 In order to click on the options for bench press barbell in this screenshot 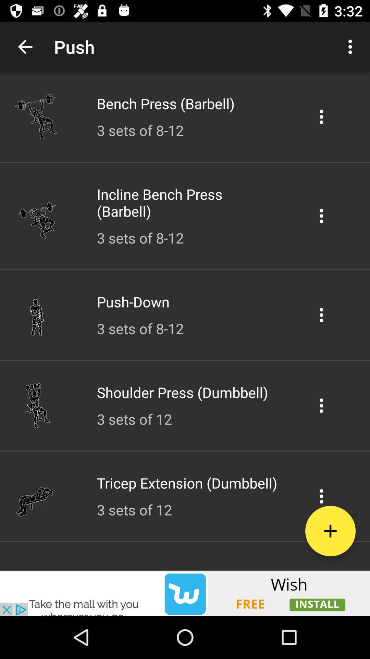, I will do `click(321, 117)`.